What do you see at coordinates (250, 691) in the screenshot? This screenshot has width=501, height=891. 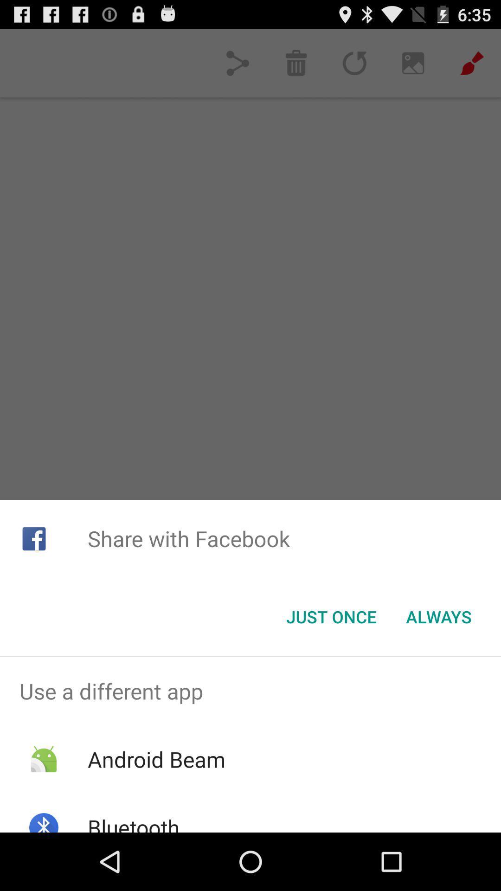 I see `use a different item` at bounding box center [250, 691].